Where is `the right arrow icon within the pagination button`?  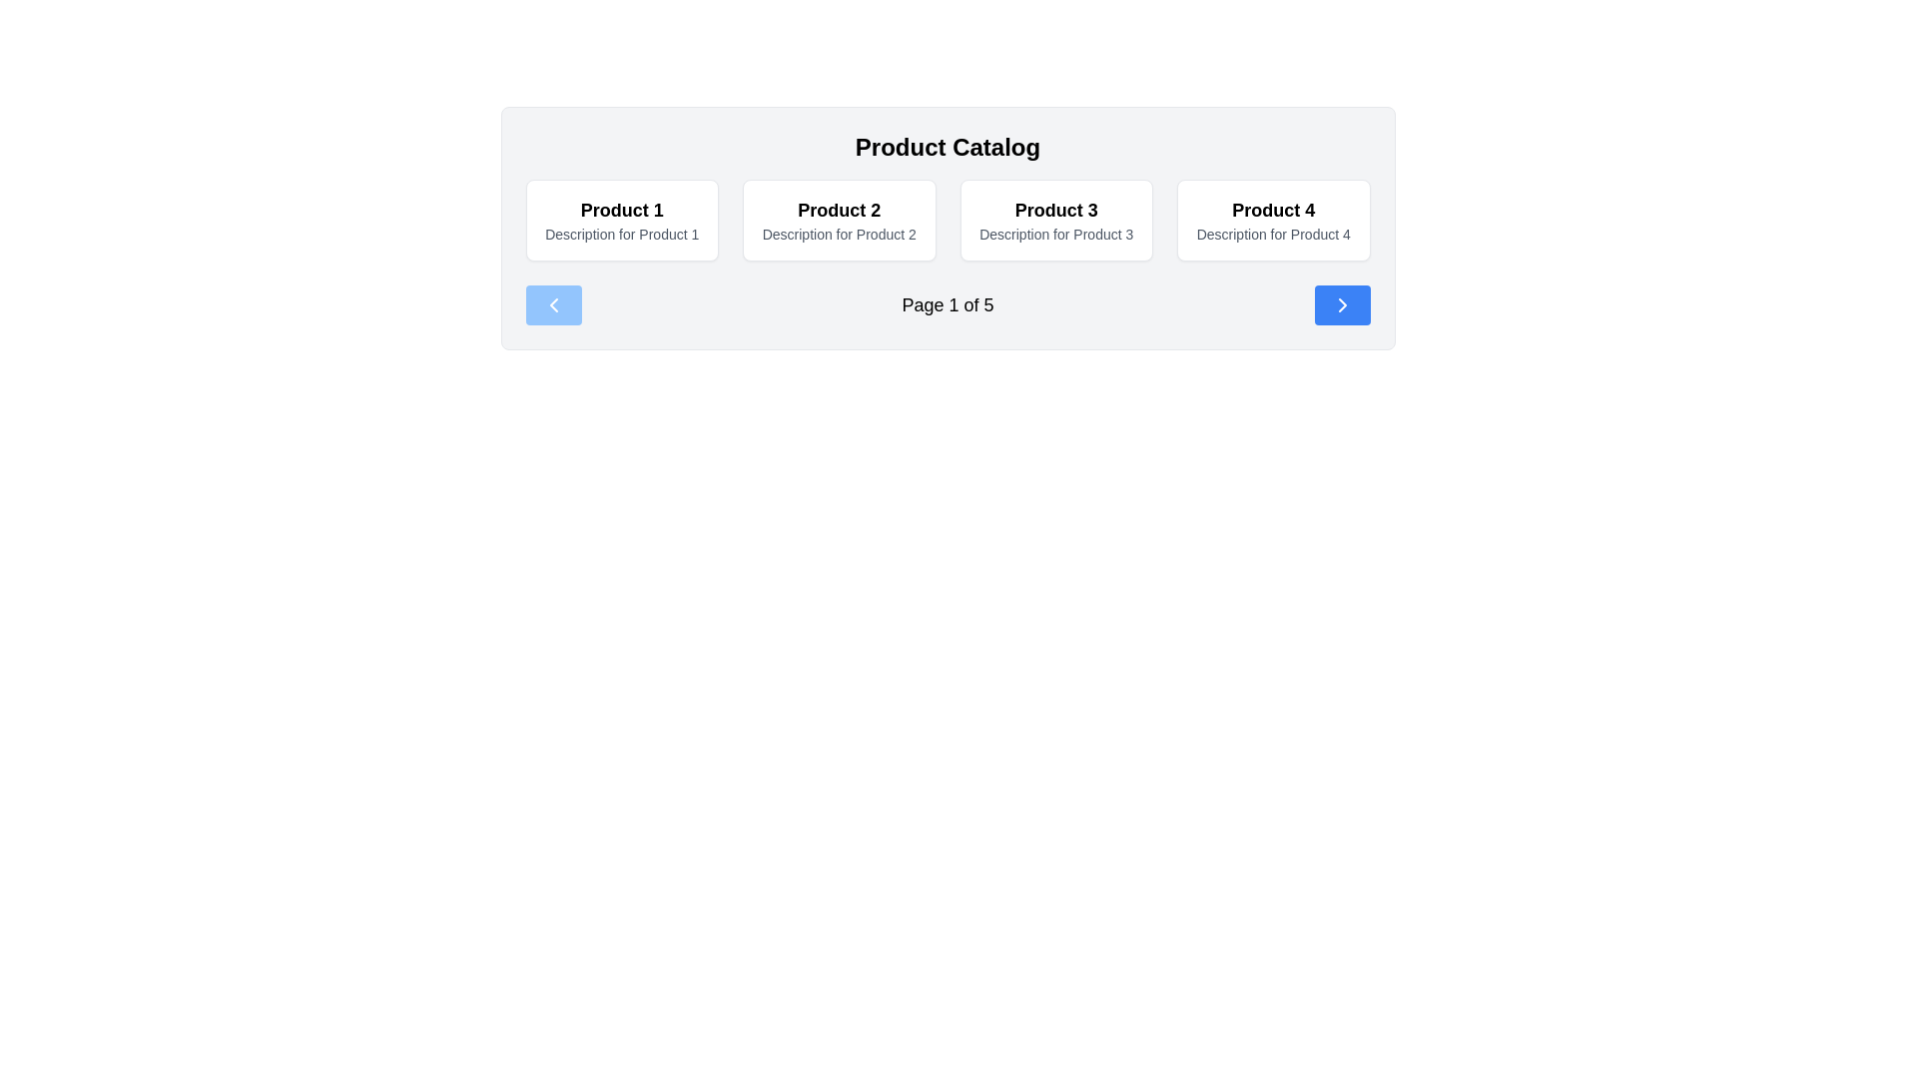 the right arrow icon within the pagination button is located at coordinates (1342, 304).